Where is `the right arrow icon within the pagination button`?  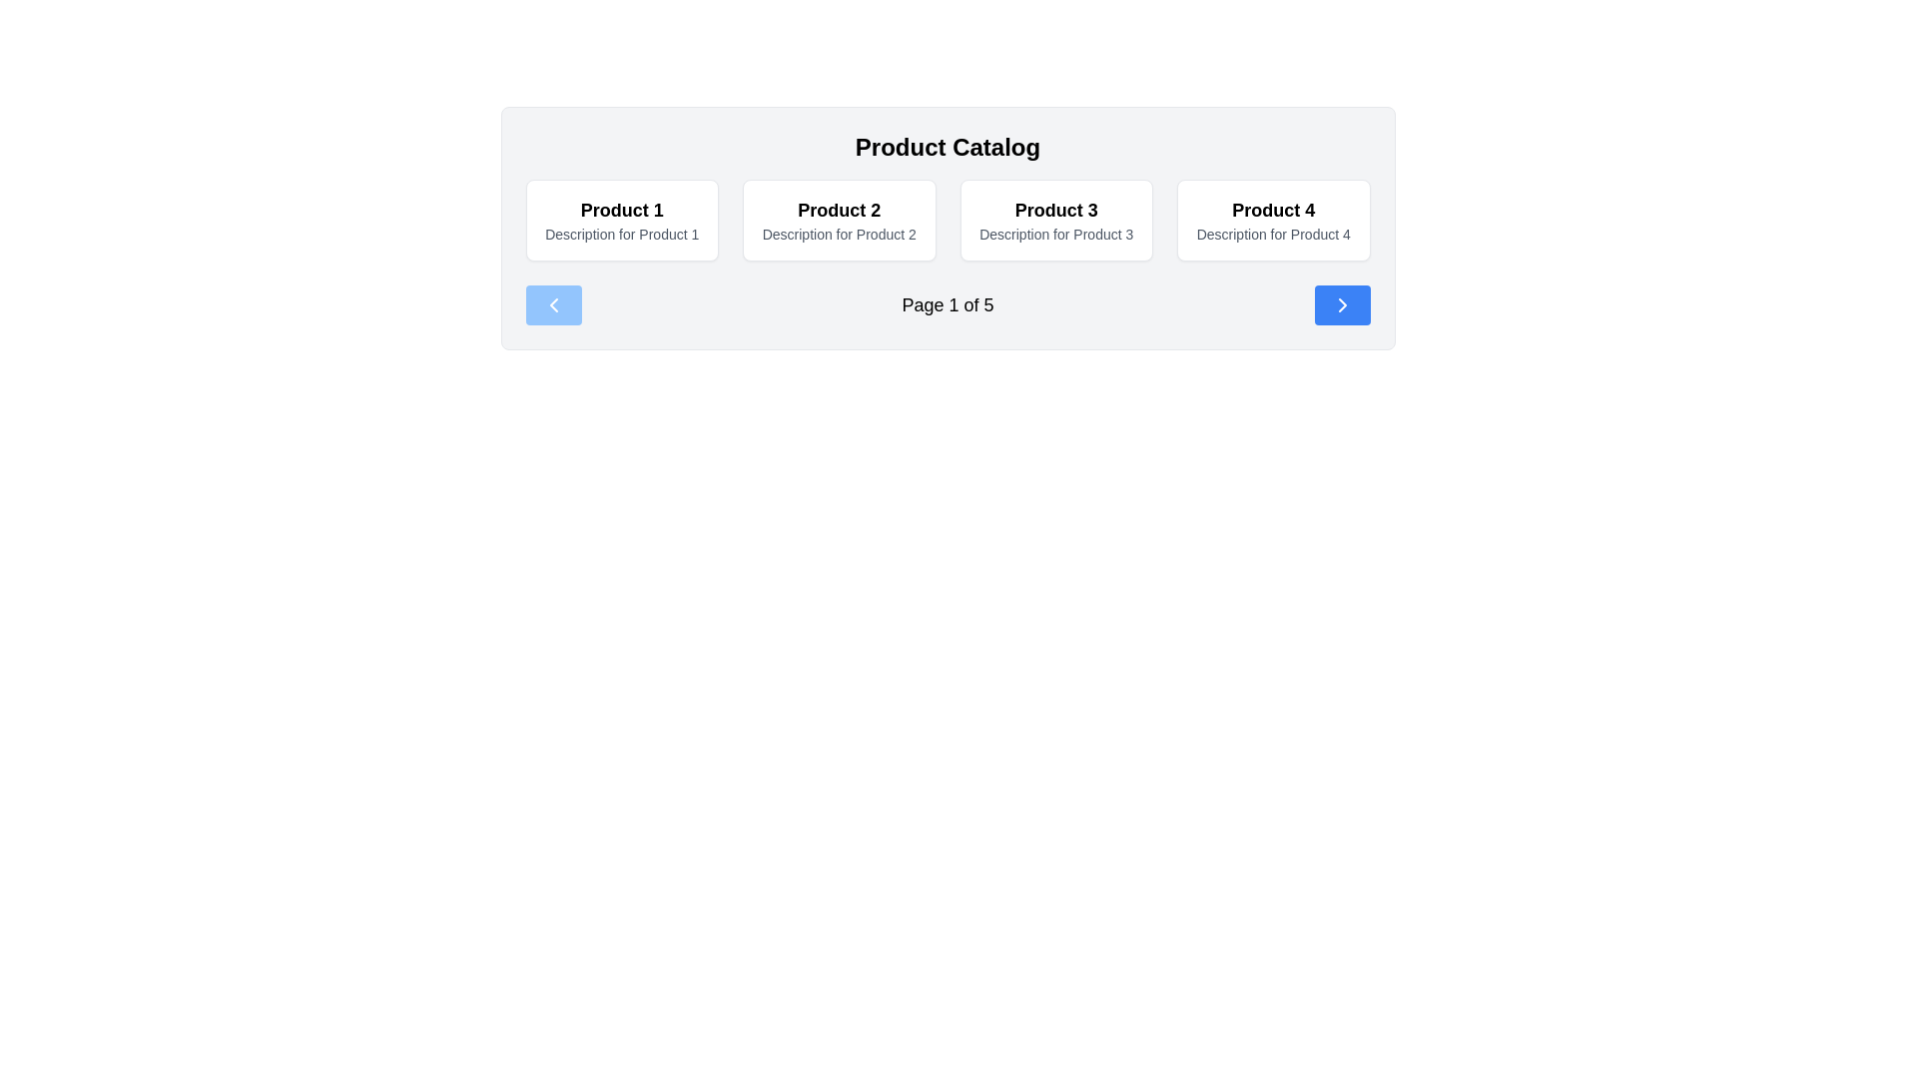 the right arrow icon within the pagination button is located at coordinates (1342, 304).